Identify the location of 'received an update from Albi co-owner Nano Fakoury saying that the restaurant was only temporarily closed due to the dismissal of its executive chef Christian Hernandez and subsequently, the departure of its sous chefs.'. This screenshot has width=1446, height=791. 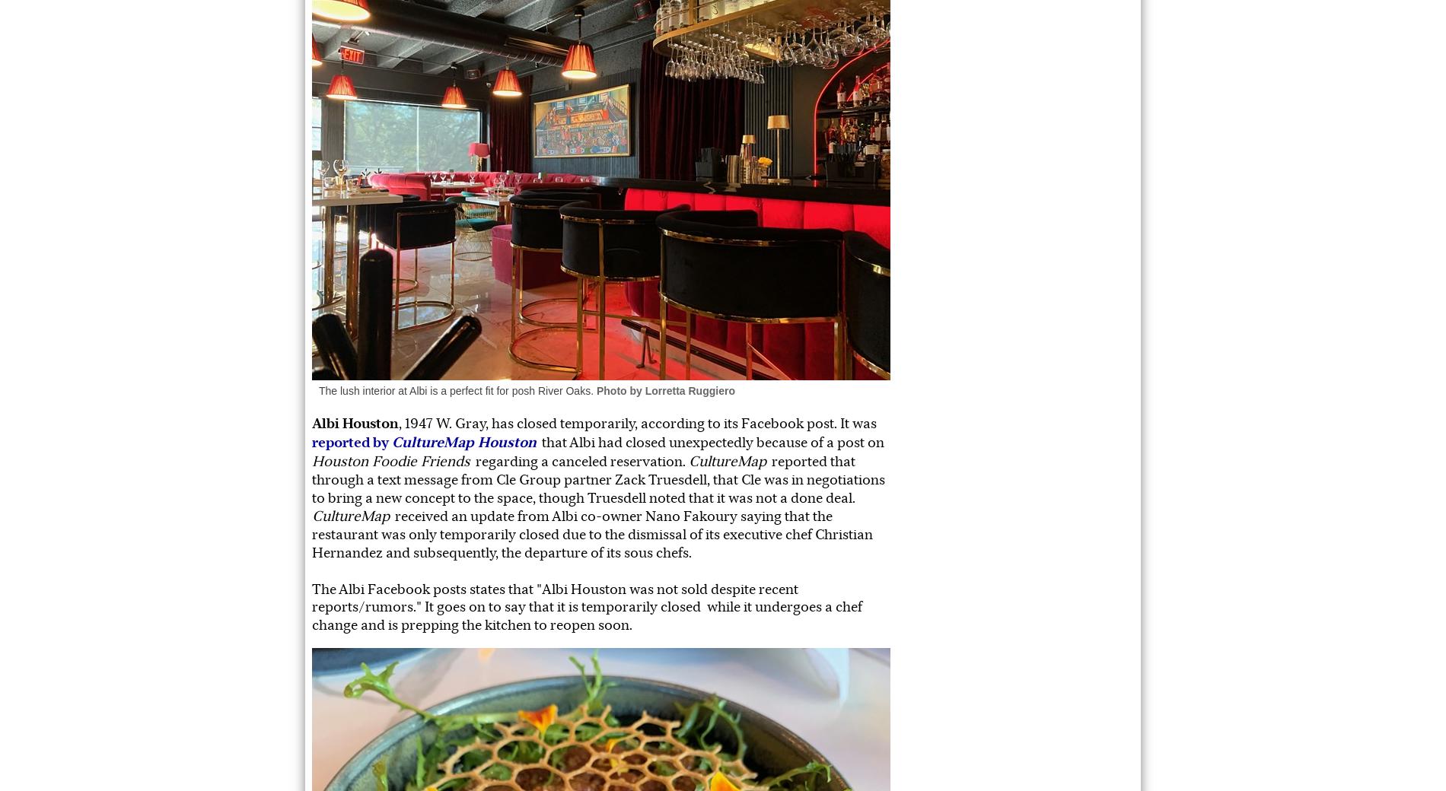
(591, 533).